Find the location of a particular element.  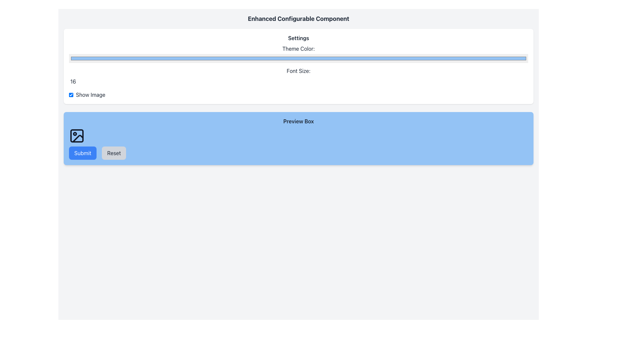

the text label that describes the color input field, located below the 'Settings' heading and above the color picker input is located at coordinates (298, 48).